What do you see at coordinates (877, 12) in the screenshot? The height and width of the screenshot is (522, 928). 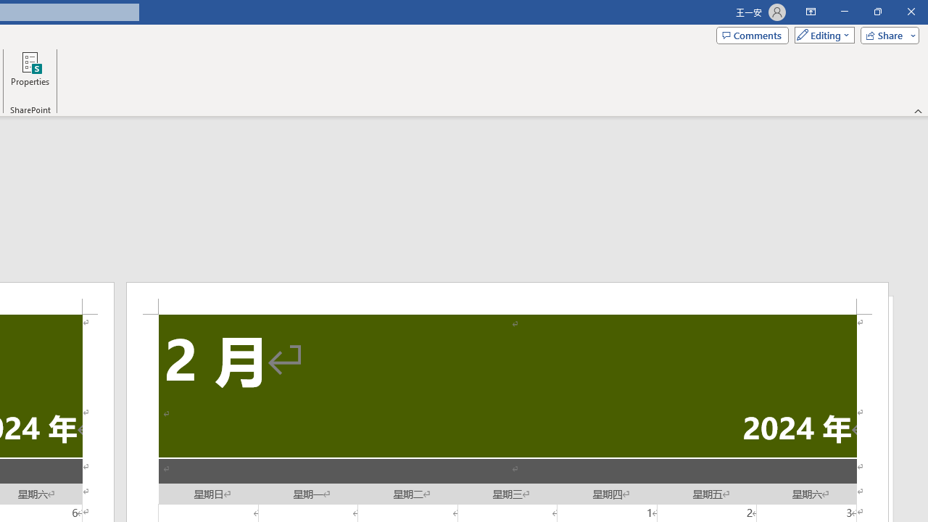 I see `'Restore Down'` at bounding box center [877, 12].